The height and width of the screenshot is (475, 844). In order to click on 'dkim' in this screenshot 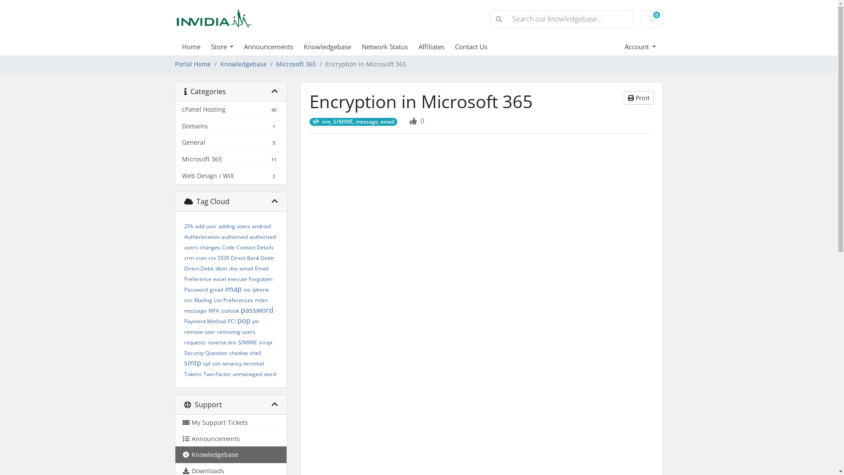, I will do `click(221, 268)`.